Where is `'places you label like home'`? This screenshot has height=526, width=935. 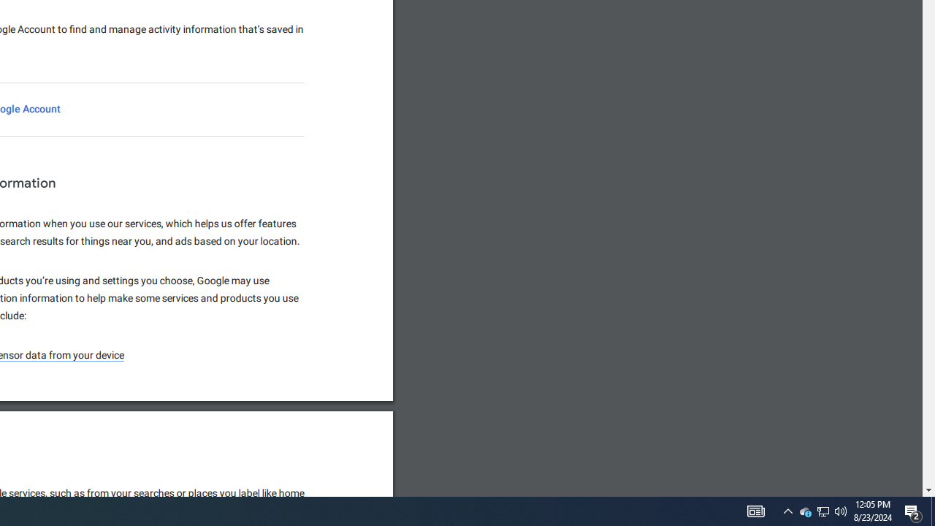
'places you label like home' is located at coordinates (247, 493).